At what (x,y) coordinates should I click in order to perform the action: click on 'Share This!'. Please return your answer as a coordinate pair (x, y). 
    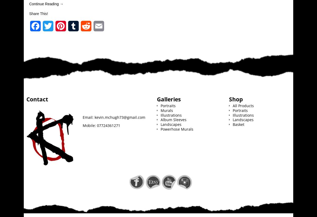
    Looking at the image, I should click on (38, 13).